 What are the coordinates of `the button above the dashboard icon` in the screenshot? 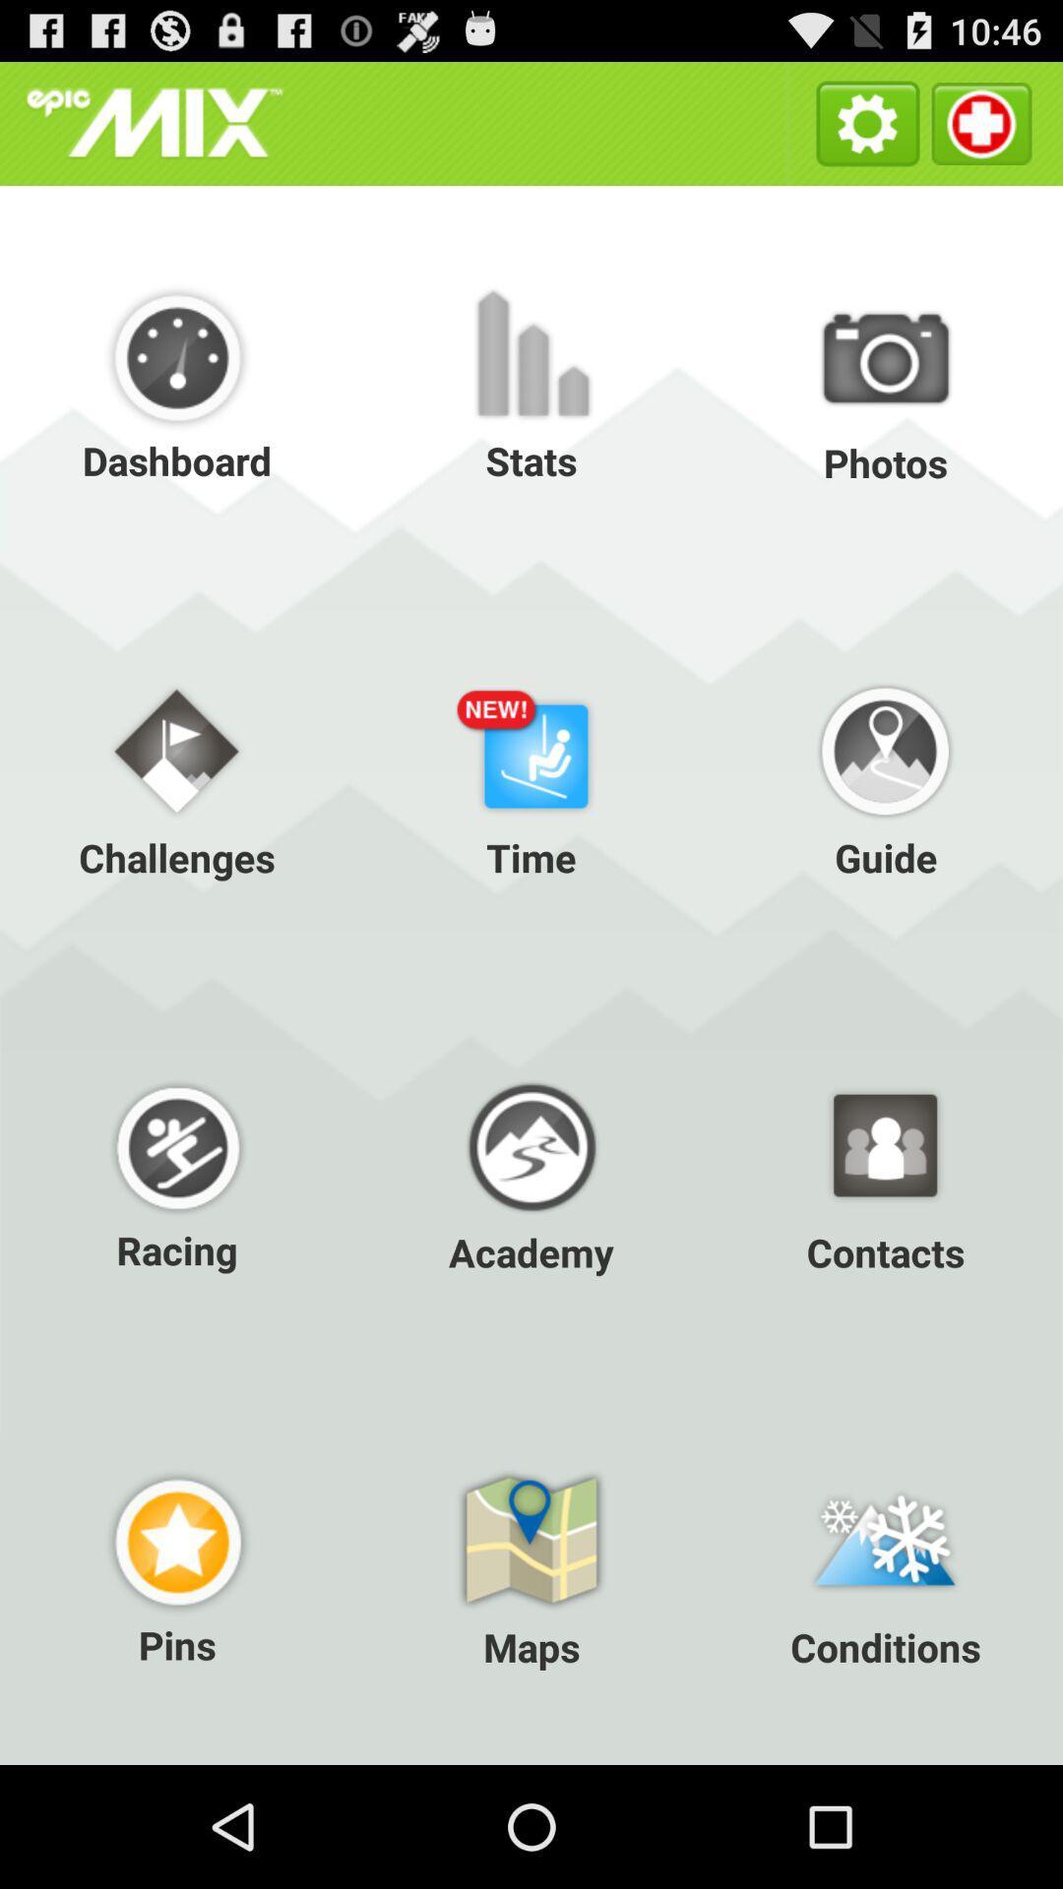 It's located at (154, 122).